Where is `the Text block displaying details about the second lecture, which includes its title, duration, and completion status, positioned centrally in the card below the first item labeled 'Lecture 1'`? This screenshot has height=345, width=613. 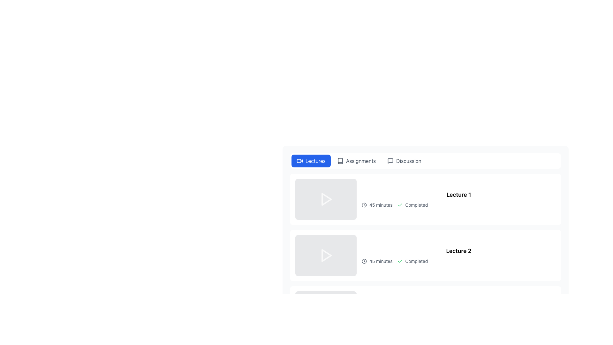 the Text block displaying details about the second lecture, which includes its title, duration, and completion status, positioned centrally in the card below the first item labeled 'Lecture 1' is located at coordinates (458, 255).